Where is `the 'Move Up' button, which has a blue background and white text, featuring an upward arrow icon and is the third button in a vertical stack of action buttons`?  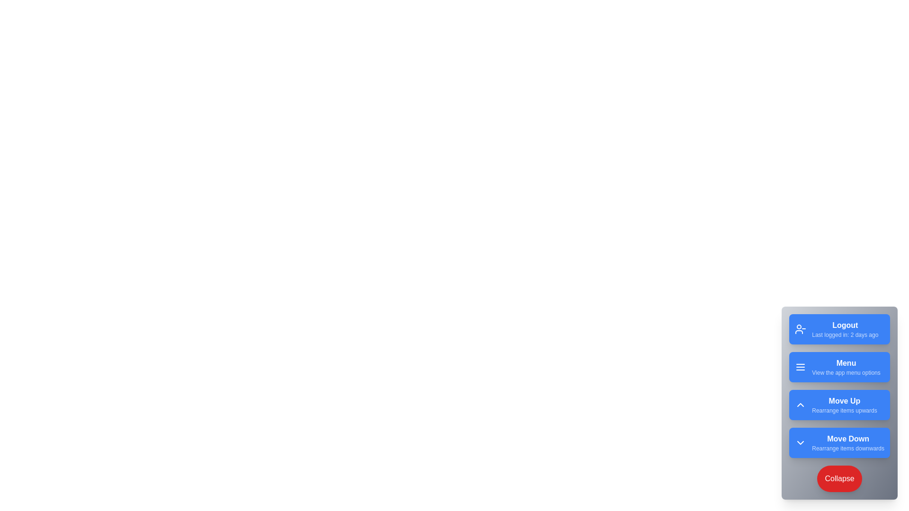
the 'Move Up' button, which has a blue background and white text, featuring an upward arrow icon and is the third button in a vertical stack of action buttons is located at coordinates (839, 405).